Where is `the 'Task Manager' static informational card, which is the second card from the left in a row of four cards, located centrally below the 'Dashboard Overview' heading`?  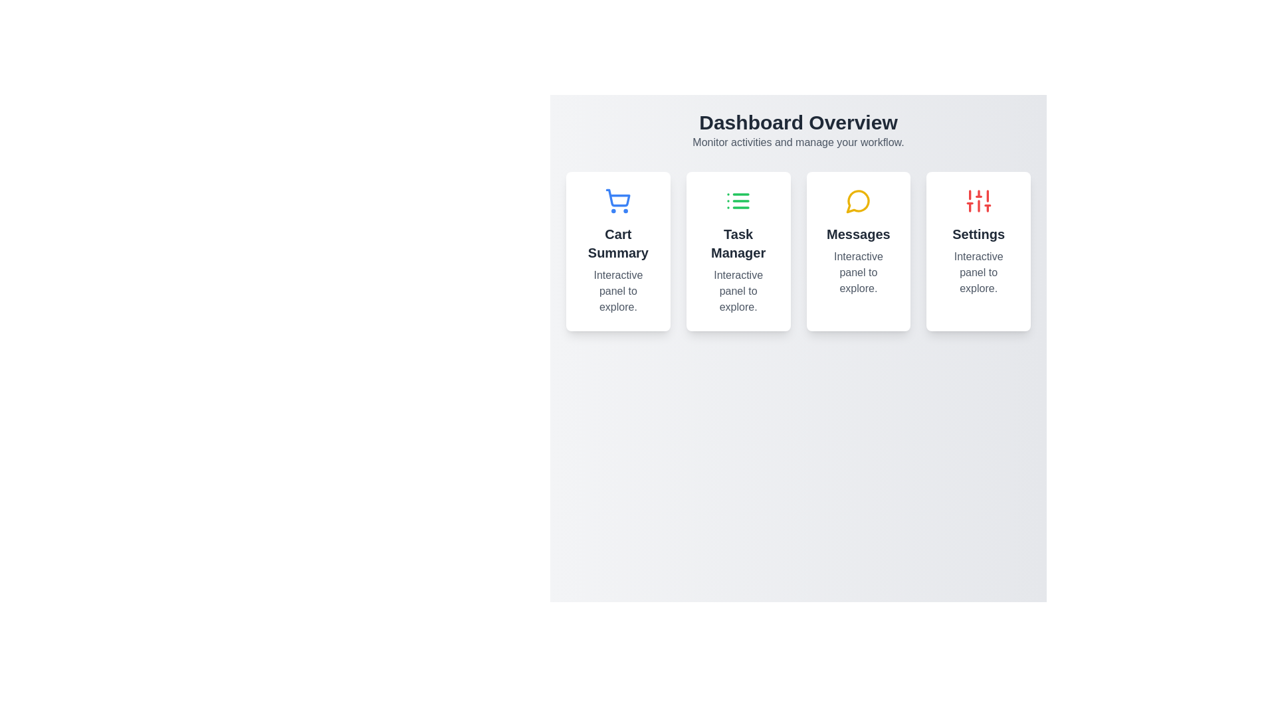 the 'Task Manager' static informational card, which is the second card from the left in a row of four cards, located centrally below the 'Dashboard Overview' heading is located at coordinates (738, 251).